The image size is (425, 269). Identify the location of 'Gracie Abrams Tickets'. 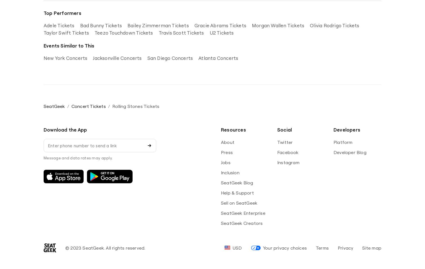
(220, 25).